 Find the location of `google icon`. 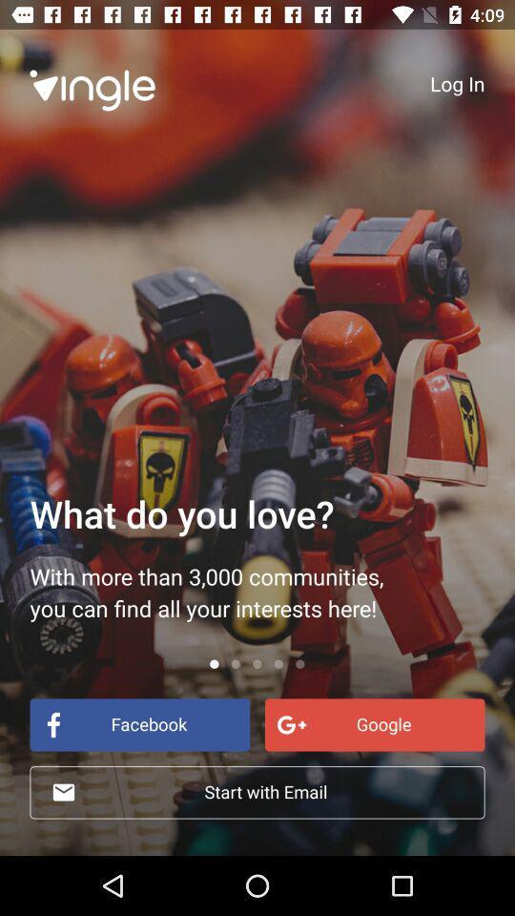

google icon is located at coordinates (375, 723).